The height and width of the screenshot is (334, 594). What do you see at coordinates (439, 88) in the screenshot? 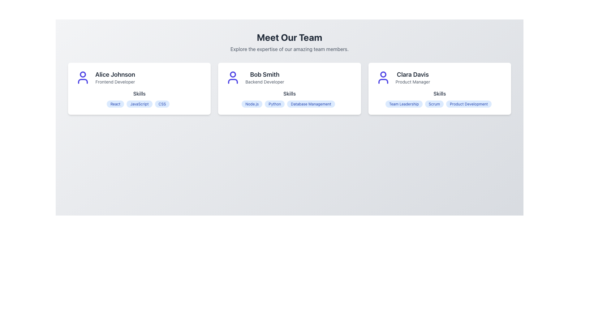
I see `information displayed on the Profile Card of Clara Davis, located at the far-right side of the 'Meet Our Team' grid` at bounding box center [439, 88].